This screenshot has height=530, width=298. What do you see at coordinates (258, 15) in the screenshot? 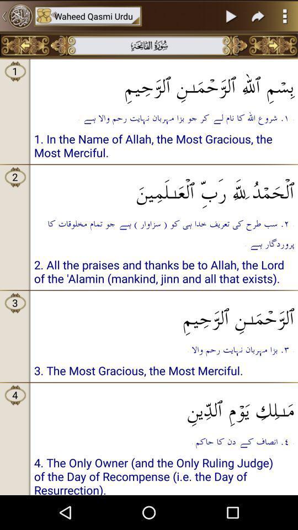
I see `forward` at bounding box center [258, 15].